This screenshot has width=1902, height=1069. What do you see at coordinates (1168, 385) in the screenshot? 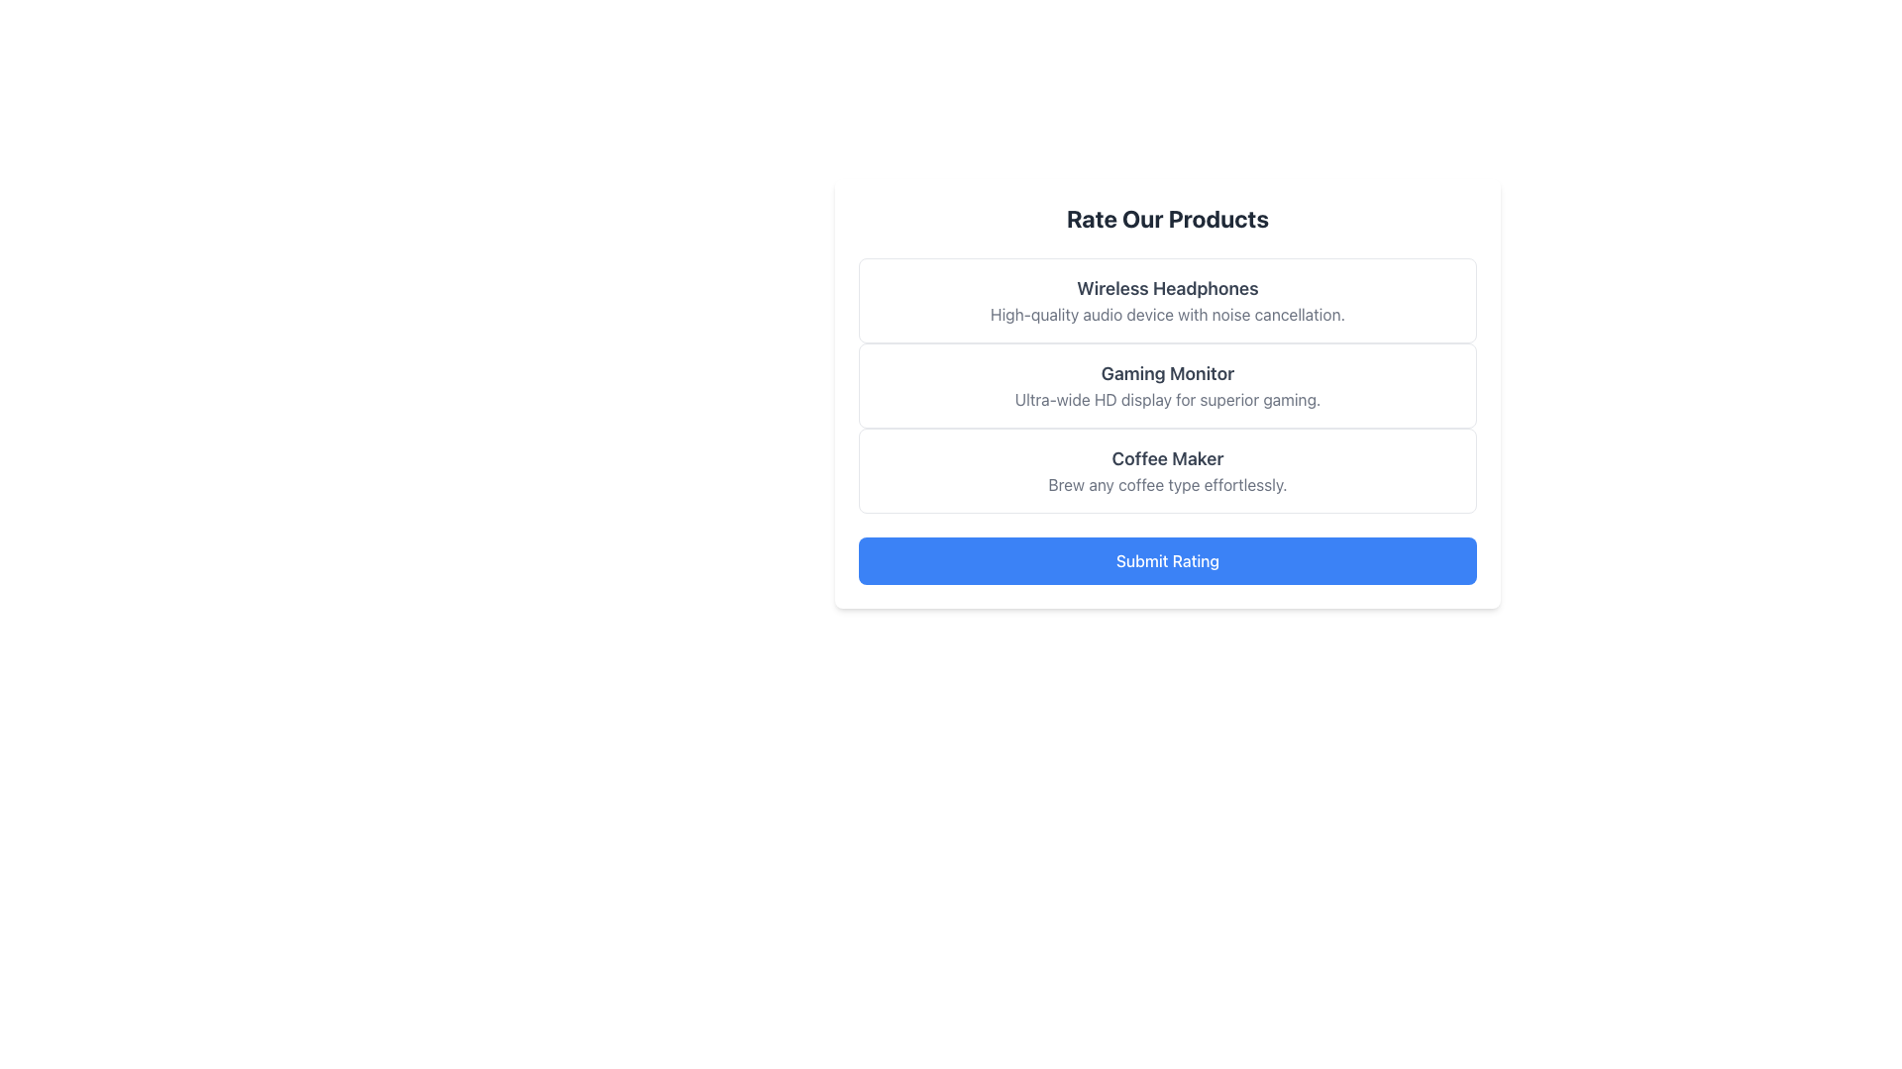
I see `the informative card that provides information about the 'Gaming Monitor', which is the second item in the 'Rate Our Products' list, located between 'Wireless Headphones' and 'Coffee Maker'` at bounding box center [1168, 385].